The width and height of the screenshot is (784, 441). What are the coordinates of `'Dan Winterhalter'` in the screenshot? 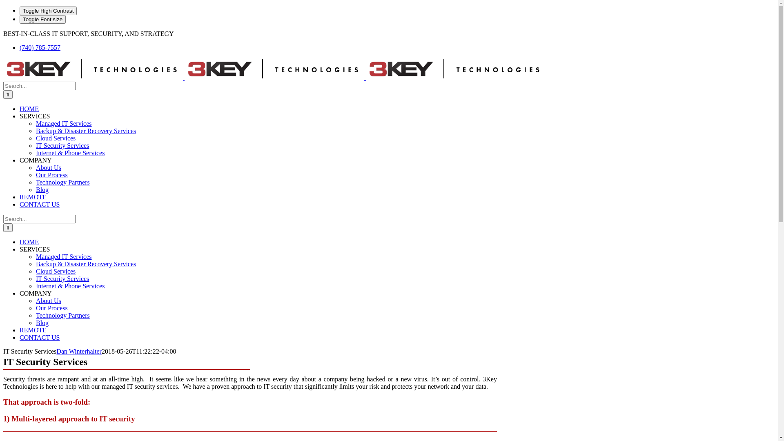 It's located at (79, 351).